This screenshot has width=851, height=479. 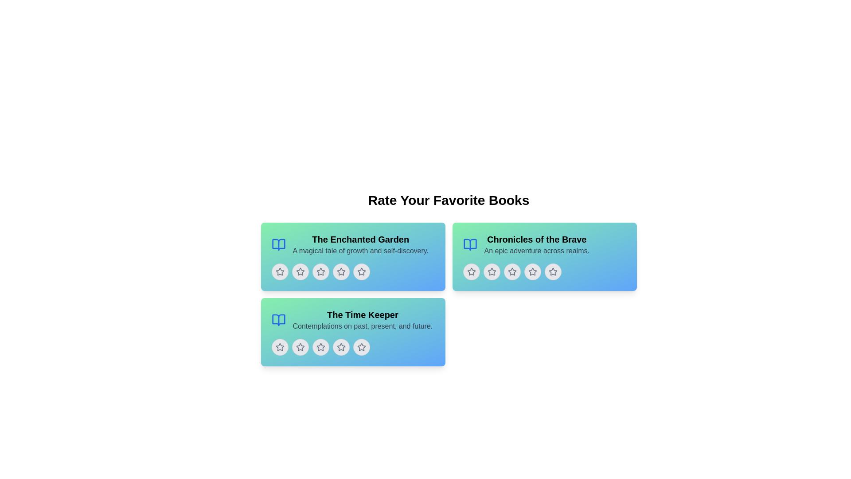 I want to click on the Text label that serves as a subtitle for the card located directly below the title 'The Time Keeper' in the bottom-left card of a grid of three cards, so click(x=363, y=326).